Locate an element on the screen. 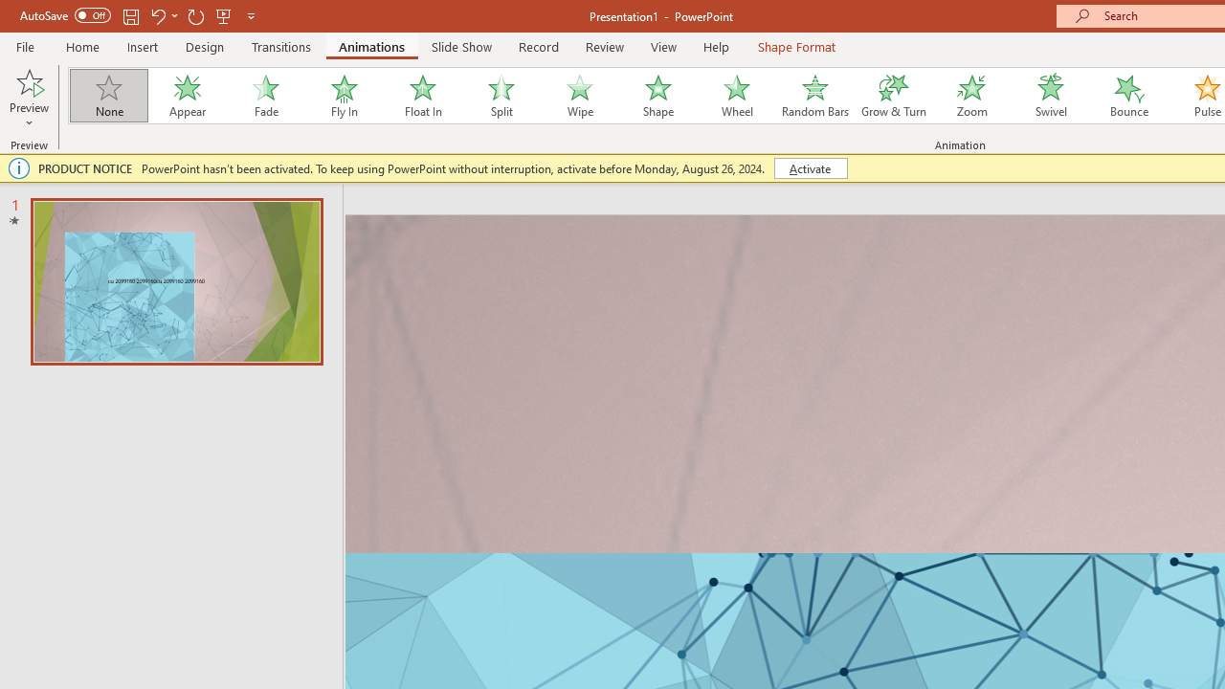 This screenshot has width=1225, height=689. 'Bounce' is located at coordinates (1129, 96).